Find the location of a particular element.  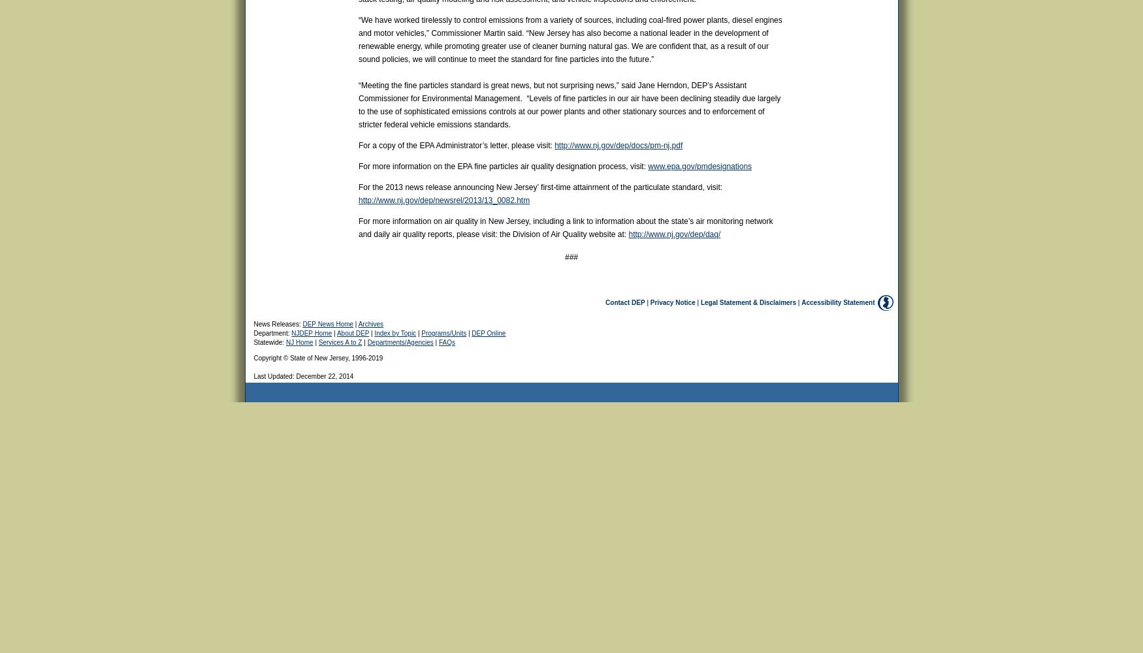

'Accessibility
                            Statement' is located at coordinates (837, 302).